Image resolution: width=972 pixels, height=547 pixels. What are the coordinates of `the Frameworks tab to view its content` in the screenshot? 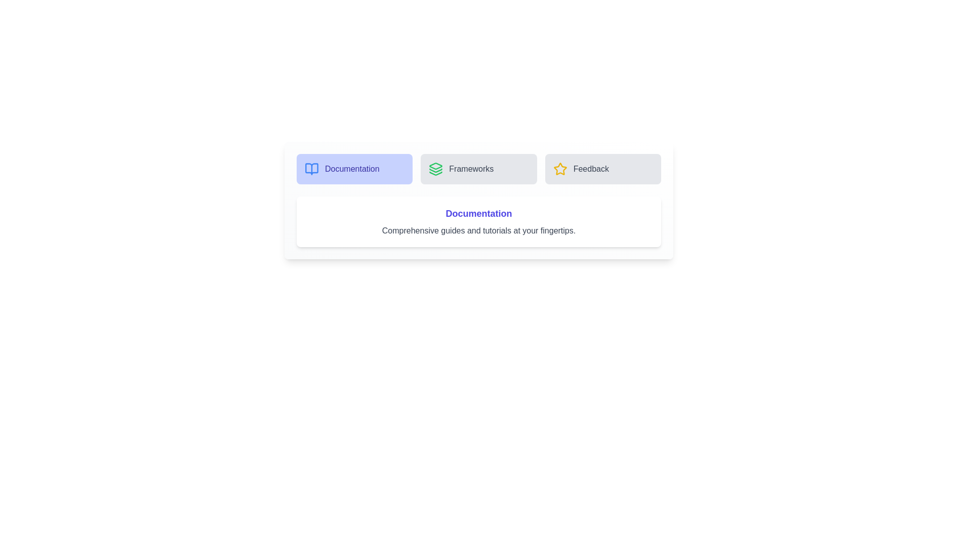 It's located at (478, 169).